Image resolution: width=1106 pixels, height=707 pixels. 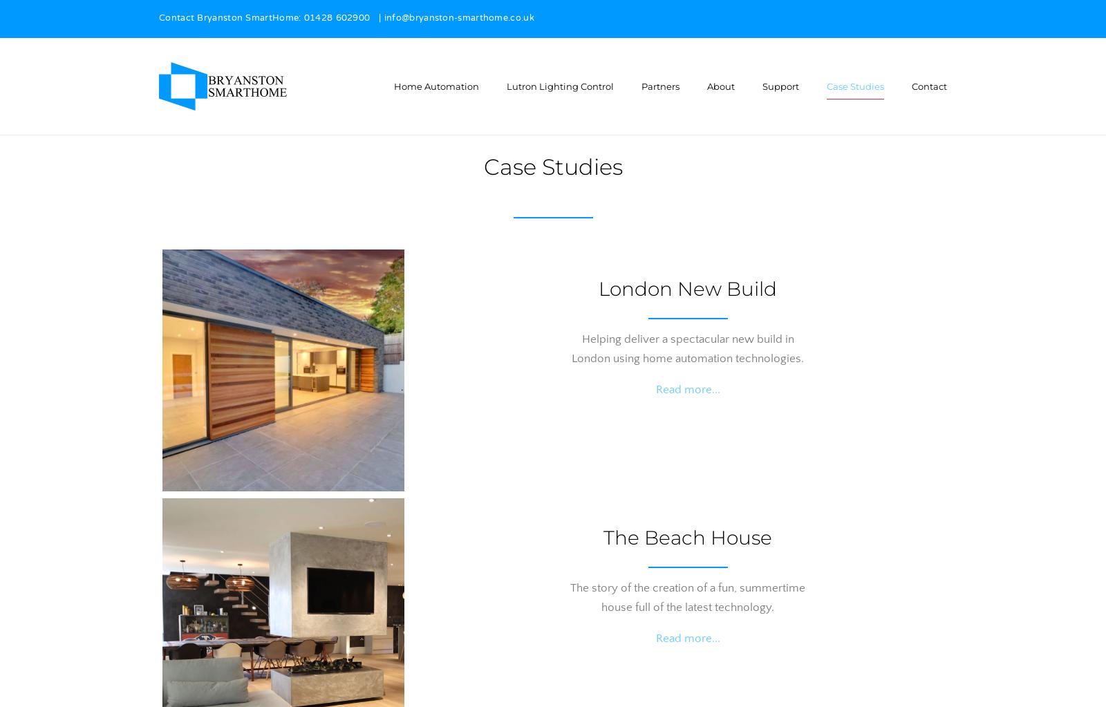 What do you see at coordinates (687, 287) in the screenshot?
I see `'London New Build'` at bounding box center [687, 287].